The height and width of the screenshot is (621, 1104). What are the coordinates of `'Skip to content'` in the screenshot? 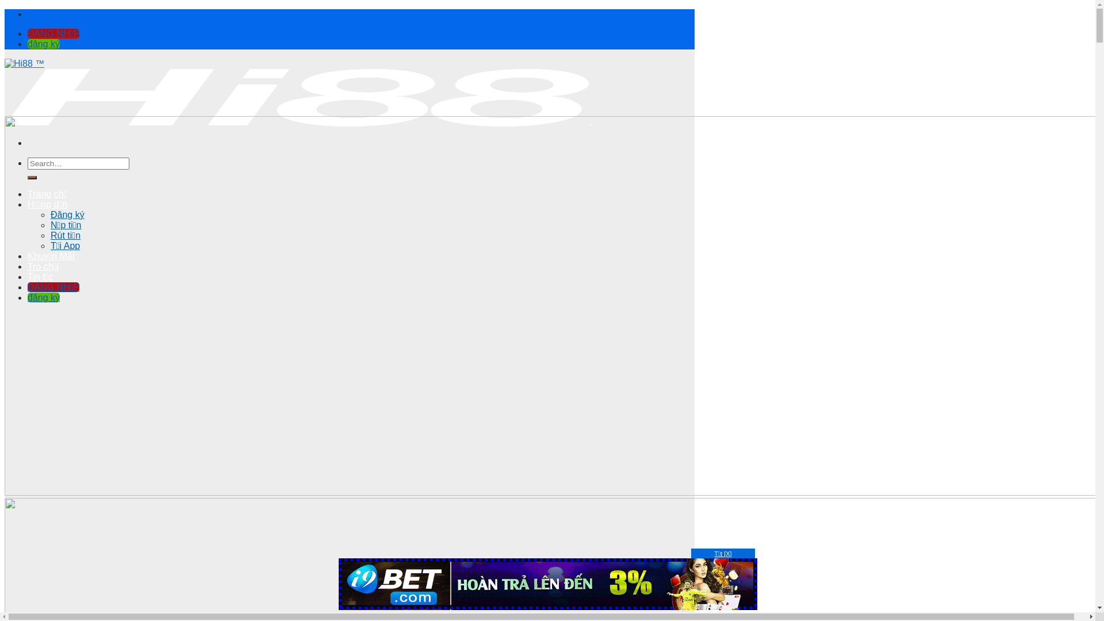 It's located at (4, 9).